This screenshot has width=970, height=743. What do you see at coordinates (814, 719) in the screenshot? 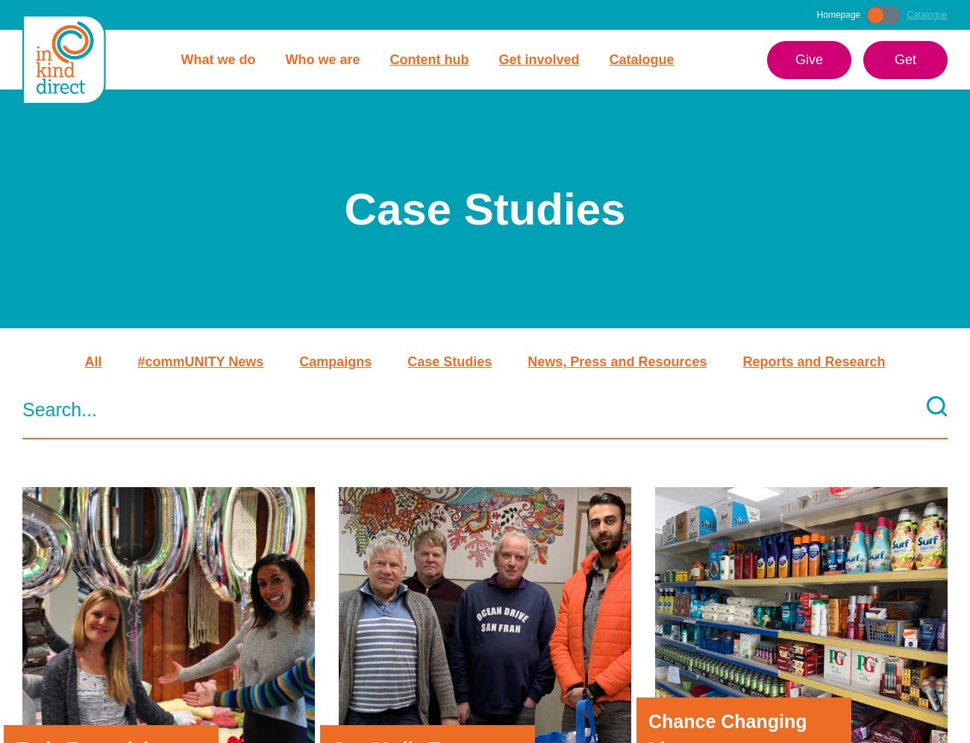
I see `'Cookie Settings'` at bounding box center [814, 719].